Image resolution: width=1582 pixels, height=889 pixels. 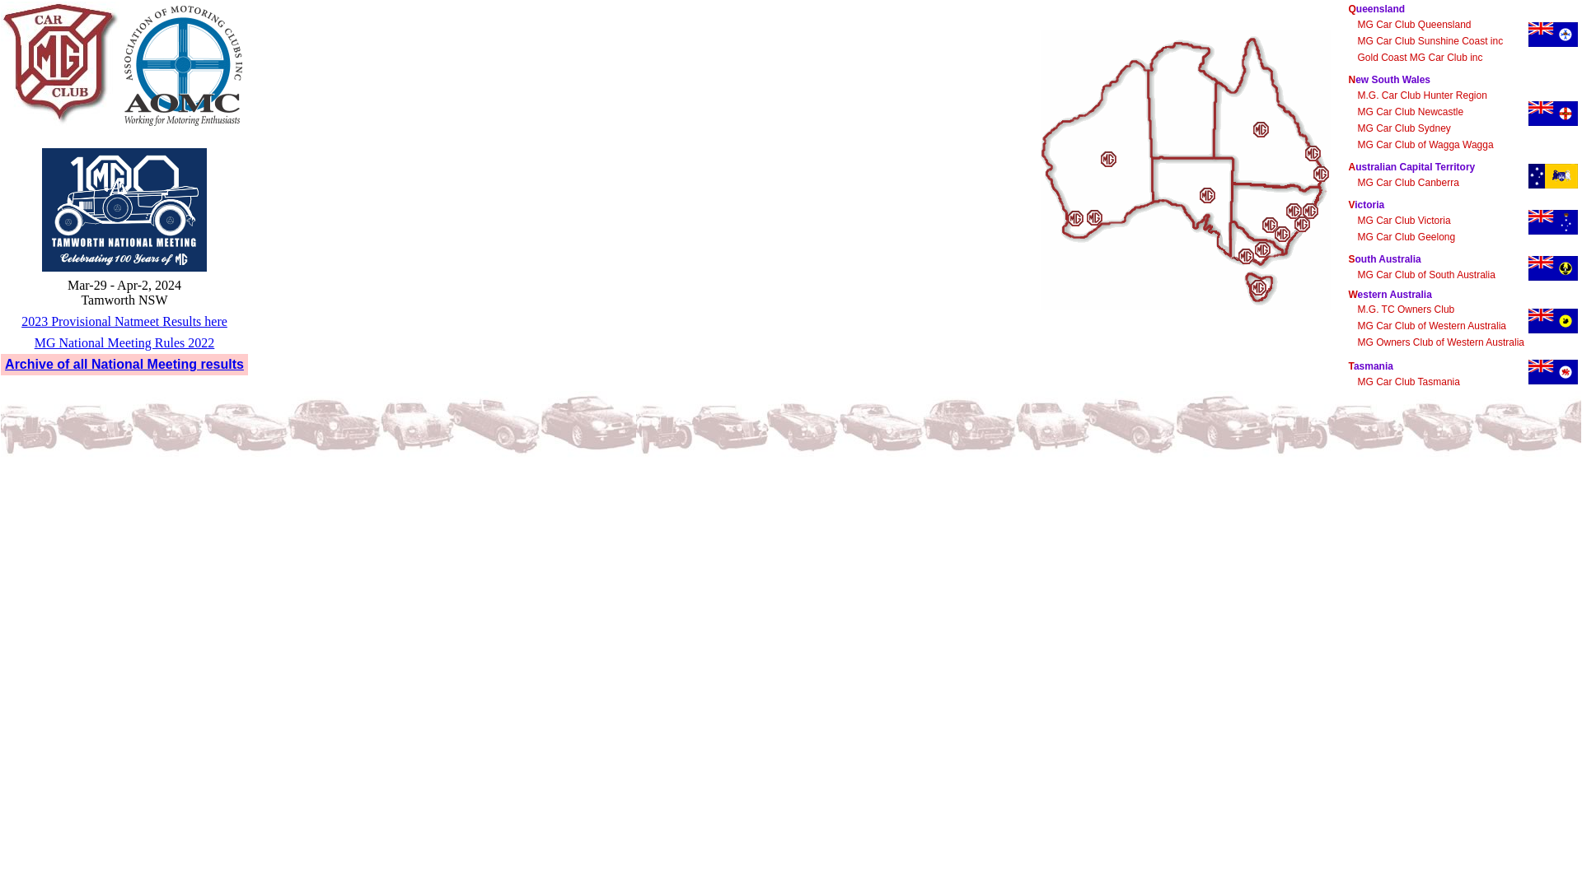 What do you see at coordinates (1402, 127) in the screenshot?
I see `'MG Car Club Sydney'` at bounding box center [1402, 127].